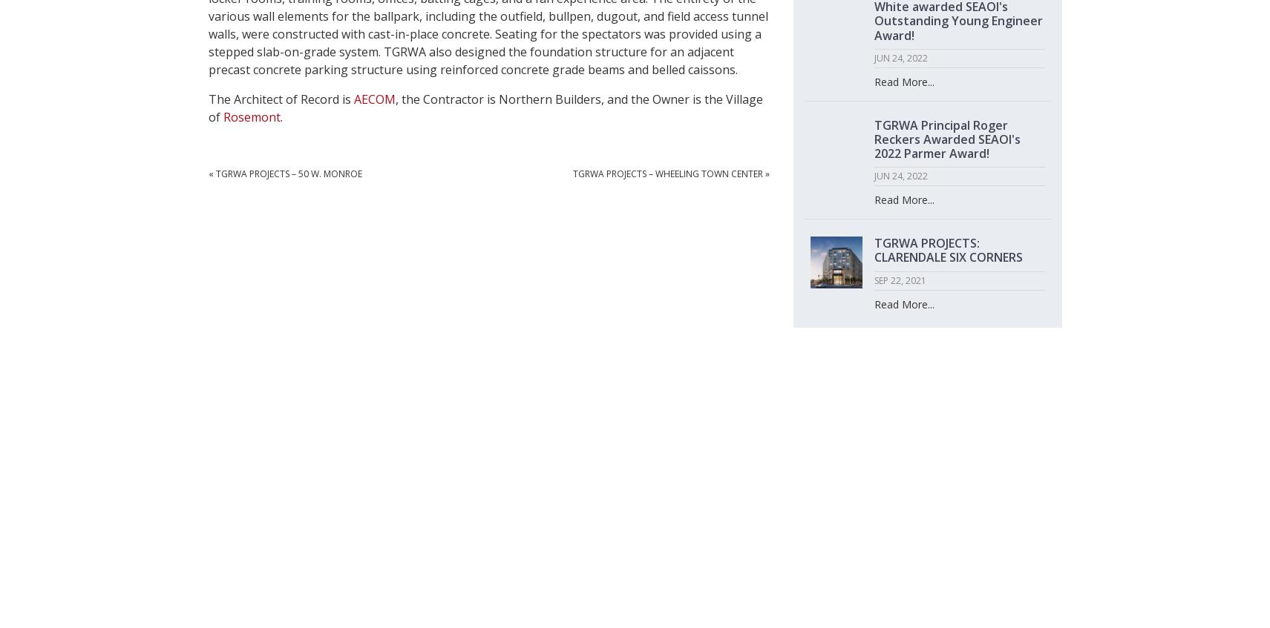 The height and width of the screenshot is (628, 1270). Describe the element at coordinates (946, 139) in the screenshot. I see `'TGRWA Principal Roger Reckers Awarded SEAOI's 2022 Parmer Award!'` at that location.